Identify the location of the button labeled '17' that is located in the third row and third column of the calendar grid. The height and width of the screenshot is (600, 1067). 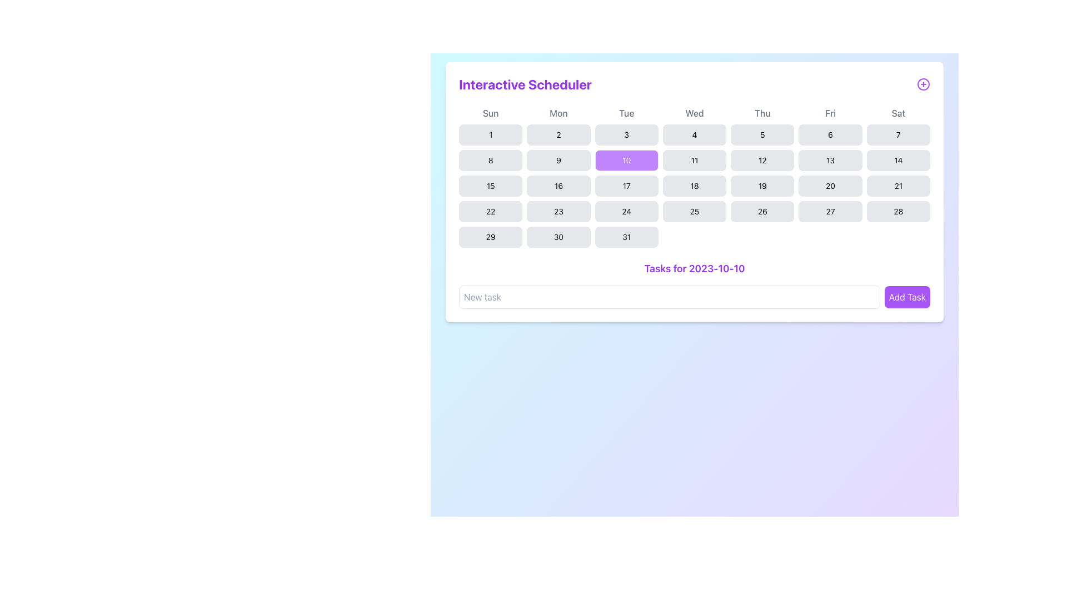
(626, 186).